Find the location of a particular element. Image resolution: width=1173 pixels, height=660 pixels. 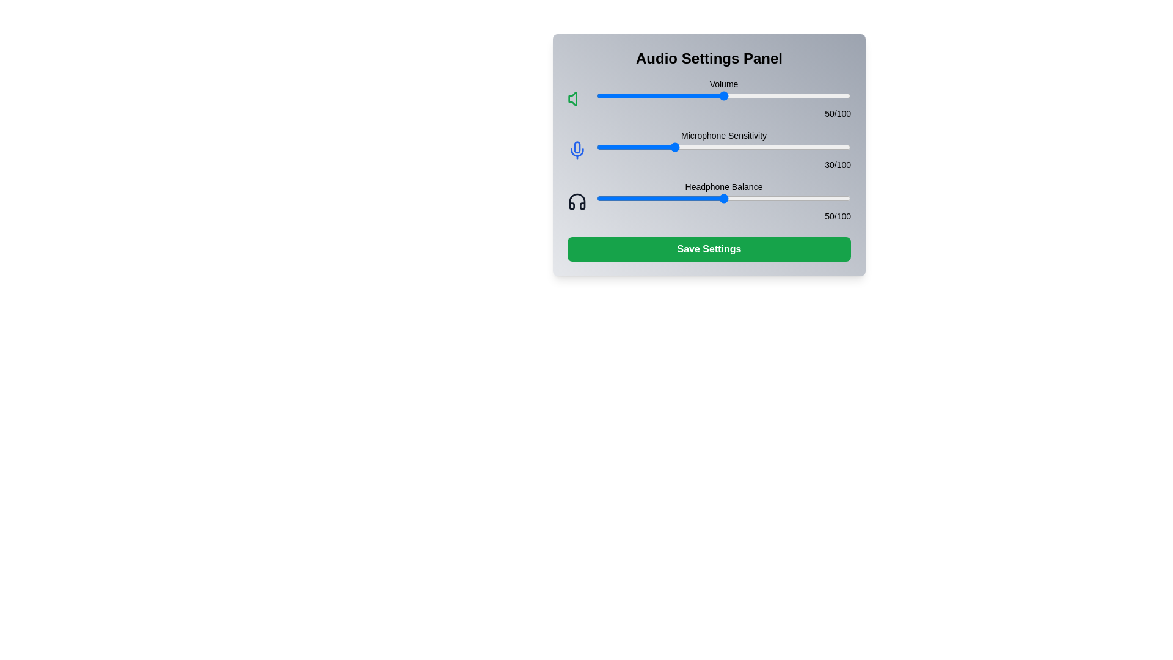

microphone sensitivity is located at coordinates (678, 146).